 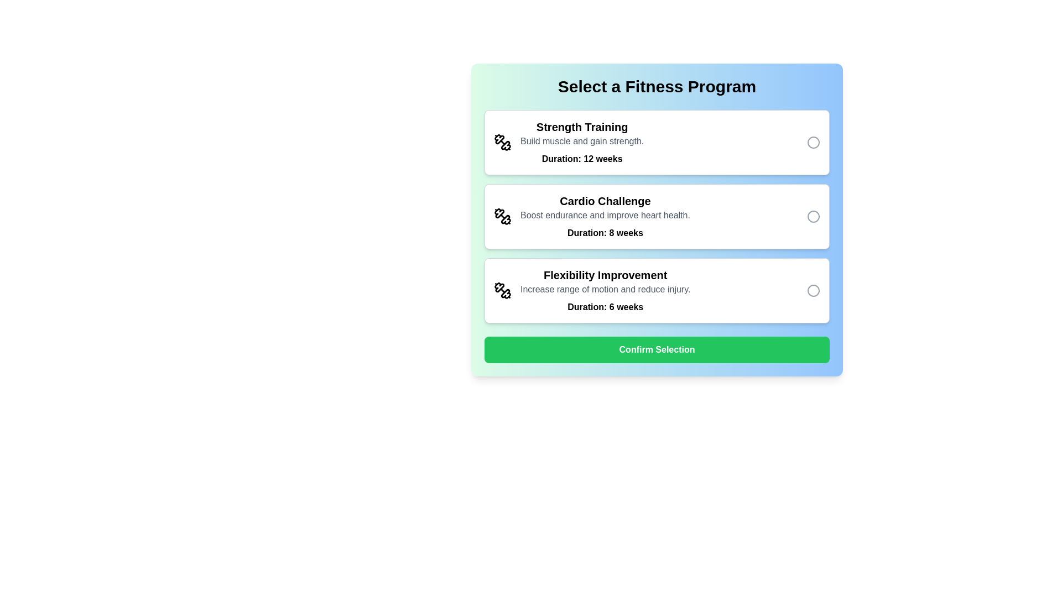 I want to click on the green 'Confirm Selection' button located at the bottom of the 'Select a Fitness Program' modal to confirm the selection, so click(x=657, y=349).